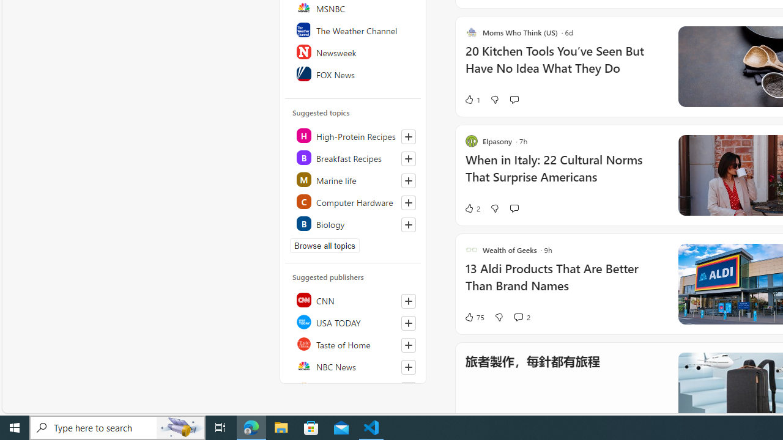 The image size is (783, 440). What do you see at coordinates (499, 317) in the screenshot?
I see `'Dislike'` at bounding box center [499, 317].